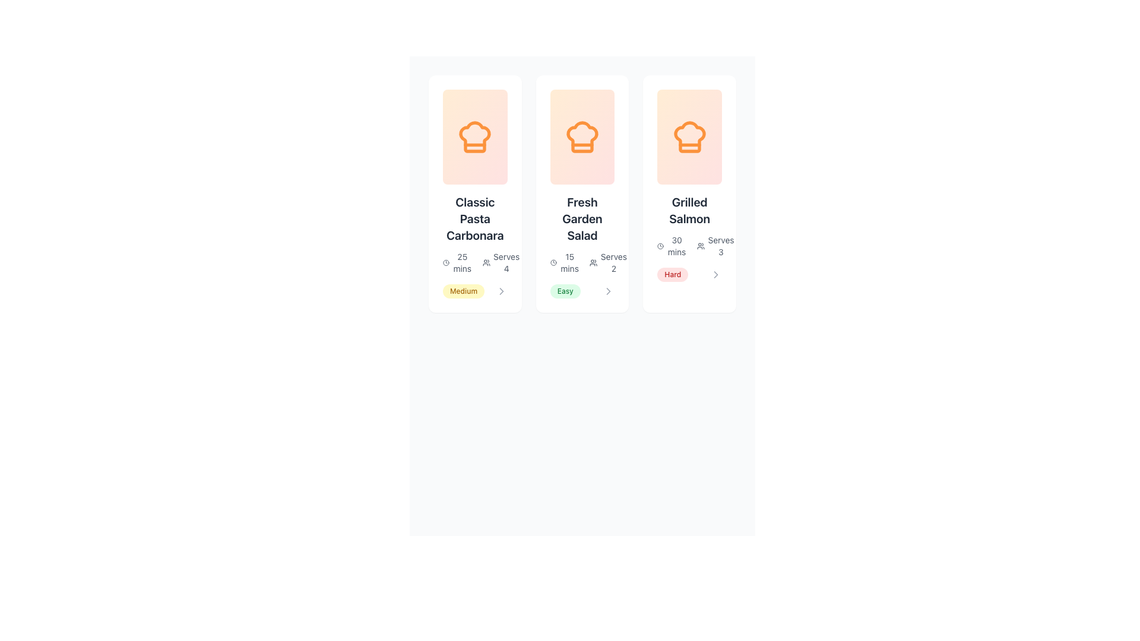 This screenshot has height=641, width=1140. I want to click on the SVG circle element that represents the clock dial in the 'Grilled Salmon' card located in the third column, positioned to the left of the '30 mins' text, so click(660, 246).